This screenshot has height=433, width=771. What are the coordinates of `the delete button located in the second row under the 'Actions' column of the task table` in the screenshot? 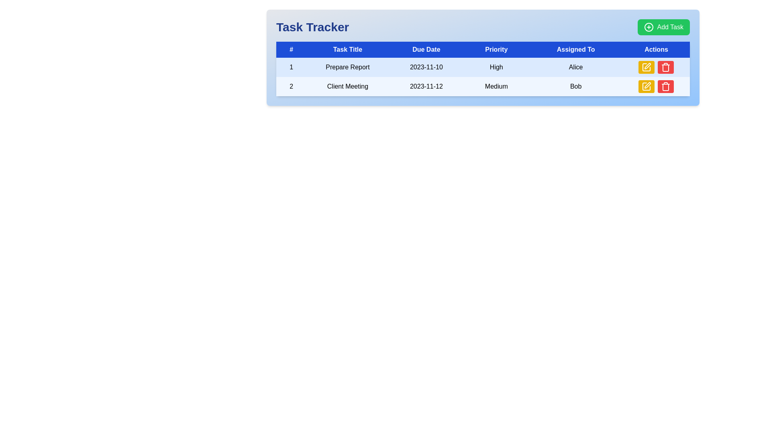 It's located at (666, 67).